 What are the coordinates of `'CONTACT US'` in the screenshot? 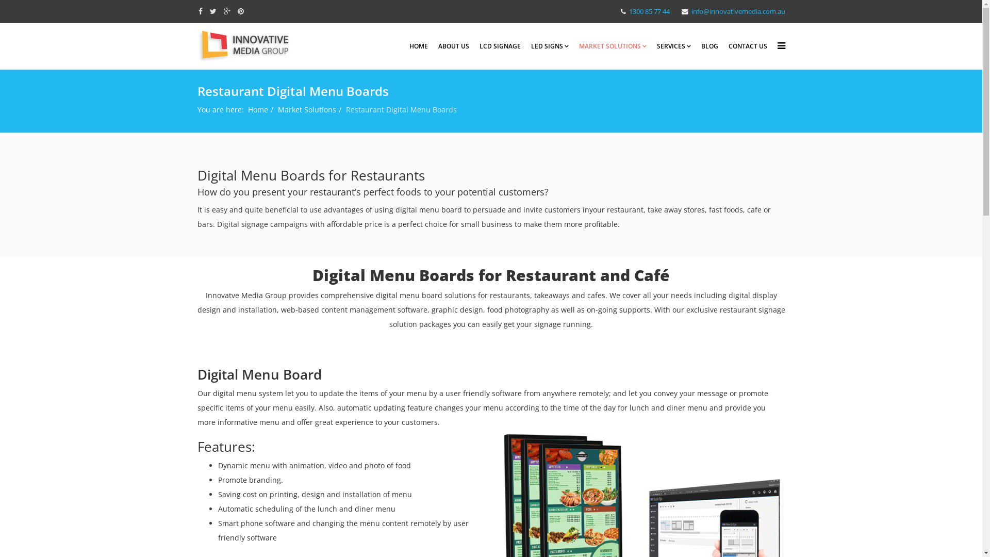 It's located at (747, 45).